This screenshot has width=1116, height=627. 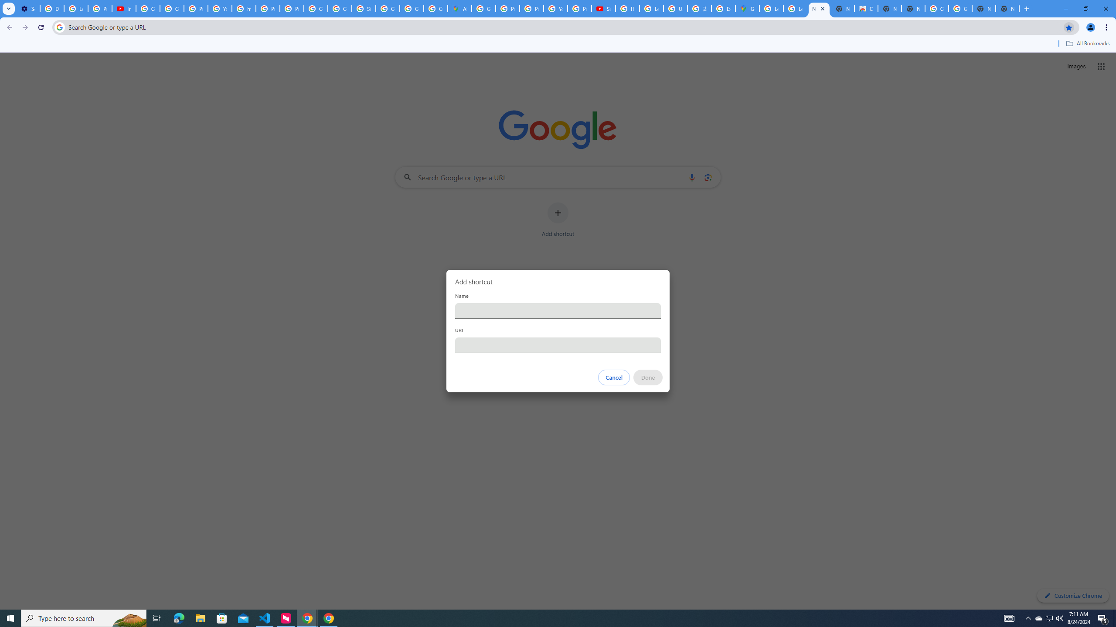 I want to click on 'YouTube', so click(x=555, y=8).